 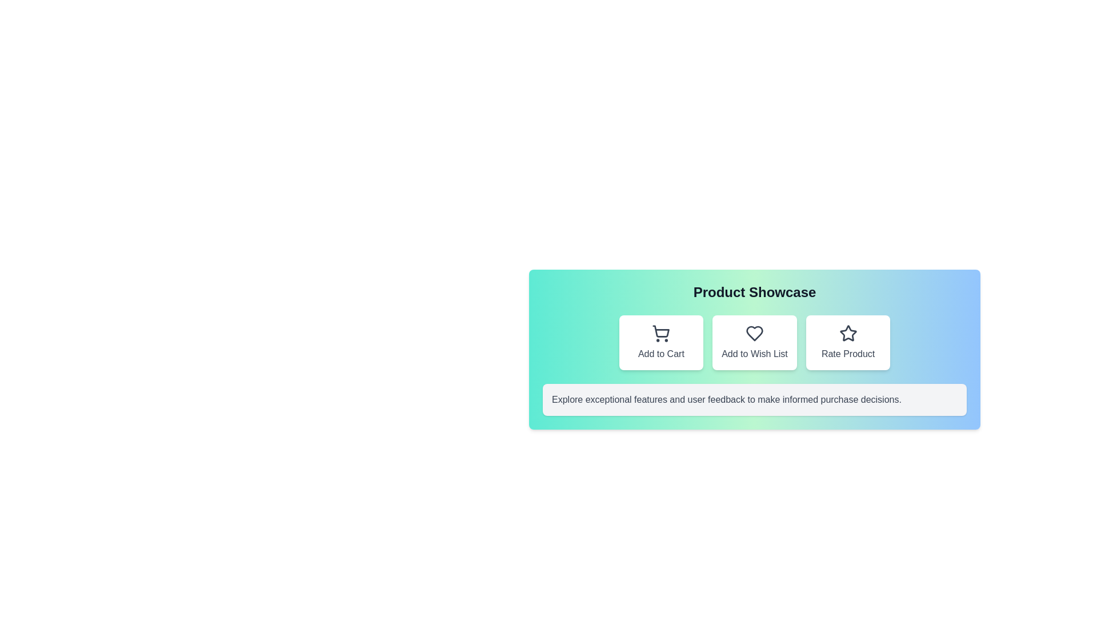 I want to click on the 'Add to Wishlist' button located in the second column of the three-column grid, between the 'Add to Cart' and 'Rate Product' buttons, so click(x=754, y=342).